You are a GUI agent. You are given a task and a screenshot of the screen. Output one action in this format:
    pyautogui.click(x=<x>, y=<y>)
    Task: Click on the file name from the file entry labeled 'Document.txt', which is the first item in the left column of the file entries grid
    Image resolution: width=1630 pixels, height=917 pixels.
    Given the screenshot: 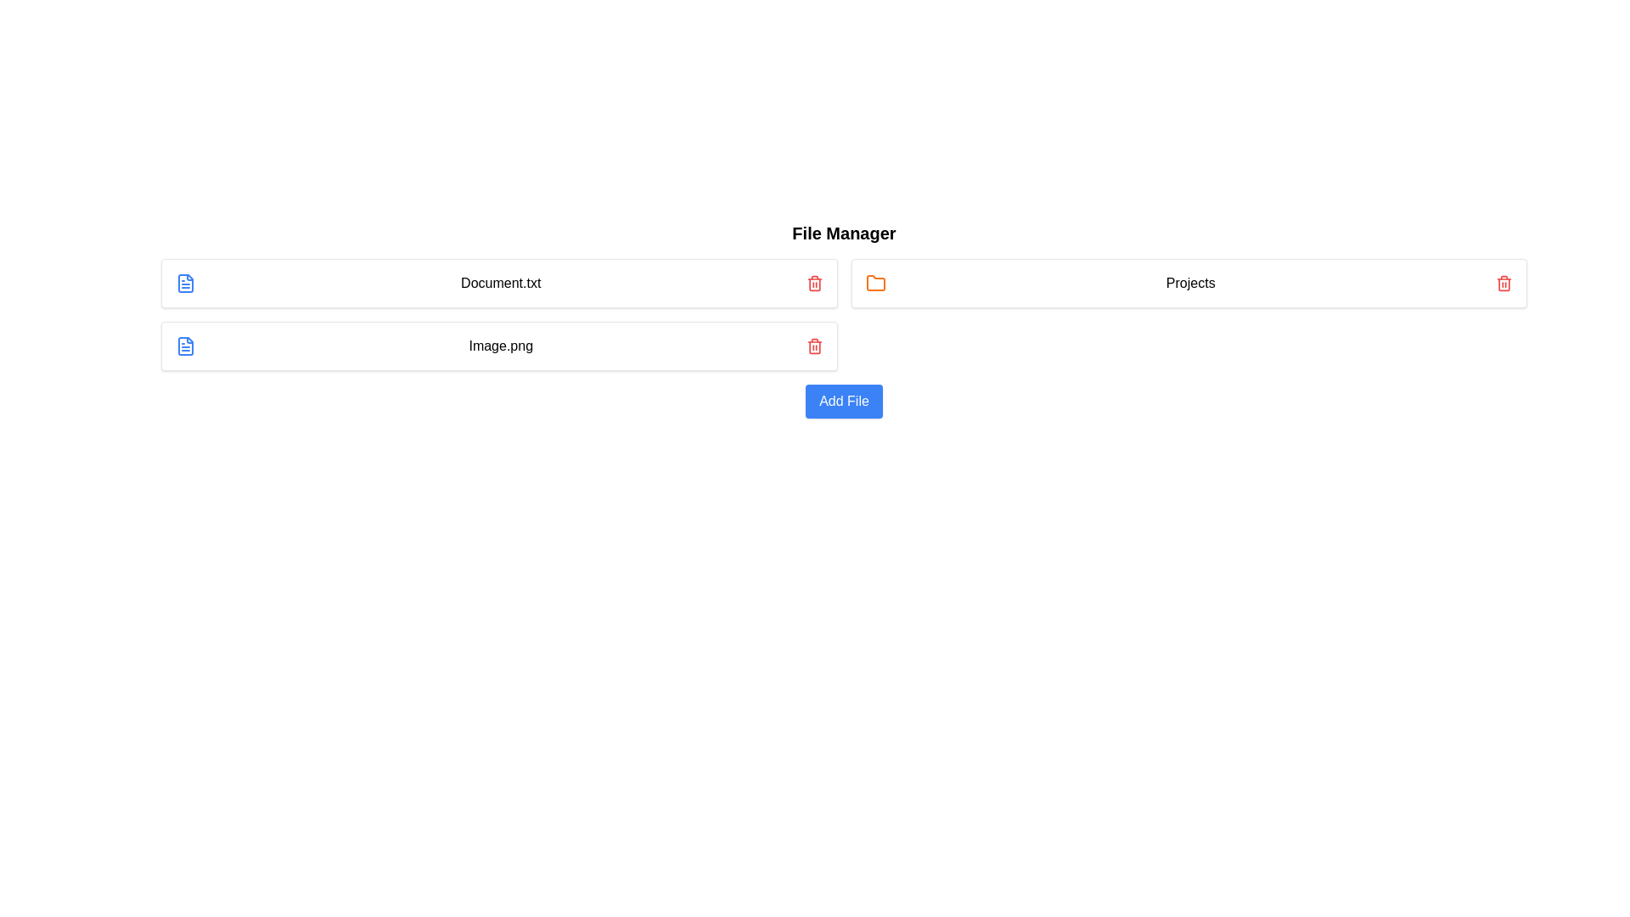 What is the action you would take?
    pyautogui.click(x=498, y=283)
    